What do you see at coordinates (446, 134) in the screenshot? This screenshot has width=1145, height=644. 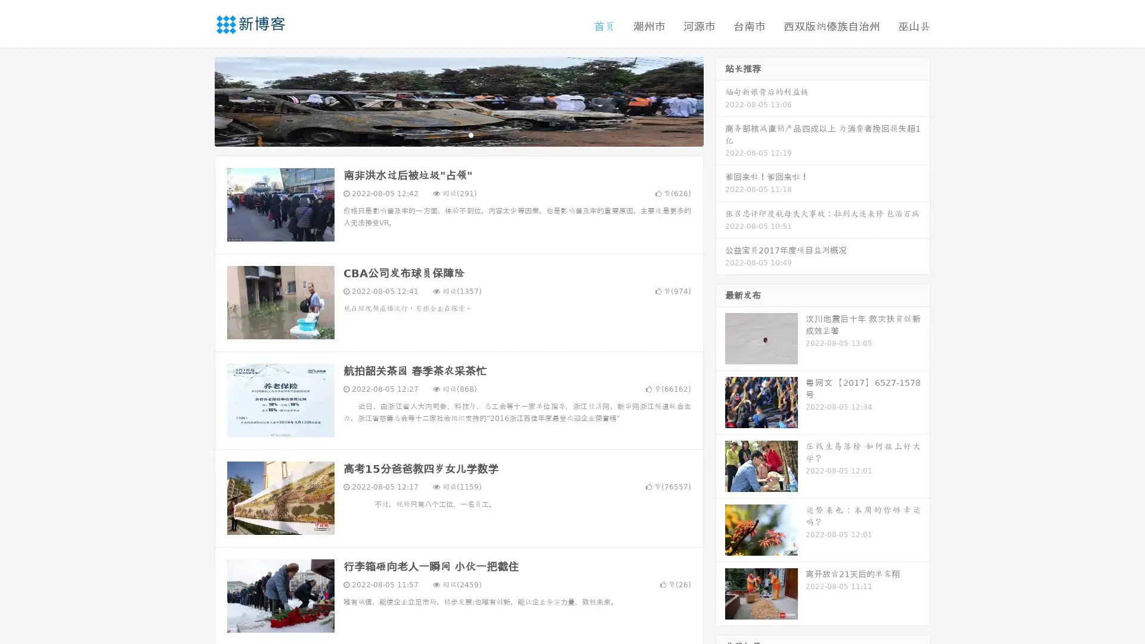 I see `Go to slide 1` at bounding box center [446, 134].